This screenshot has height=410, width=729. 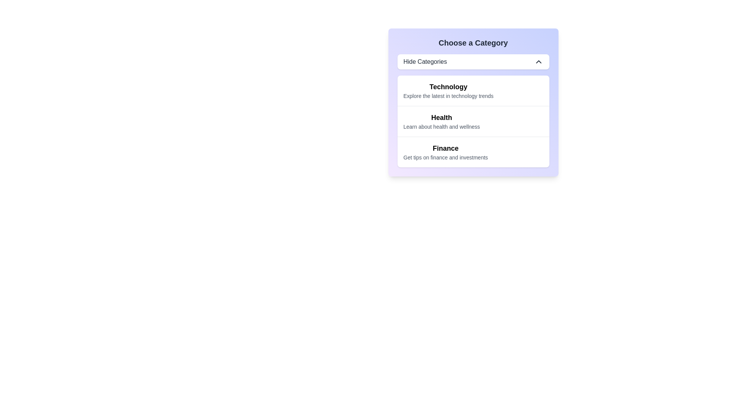 What do you see at coordinates (448, 86) in the screenshot?
I see `the 'Technology' text label, which is bold and larger in font size, located in the light blue section under 'Choose a Category'` at bounding box center [448, 86].